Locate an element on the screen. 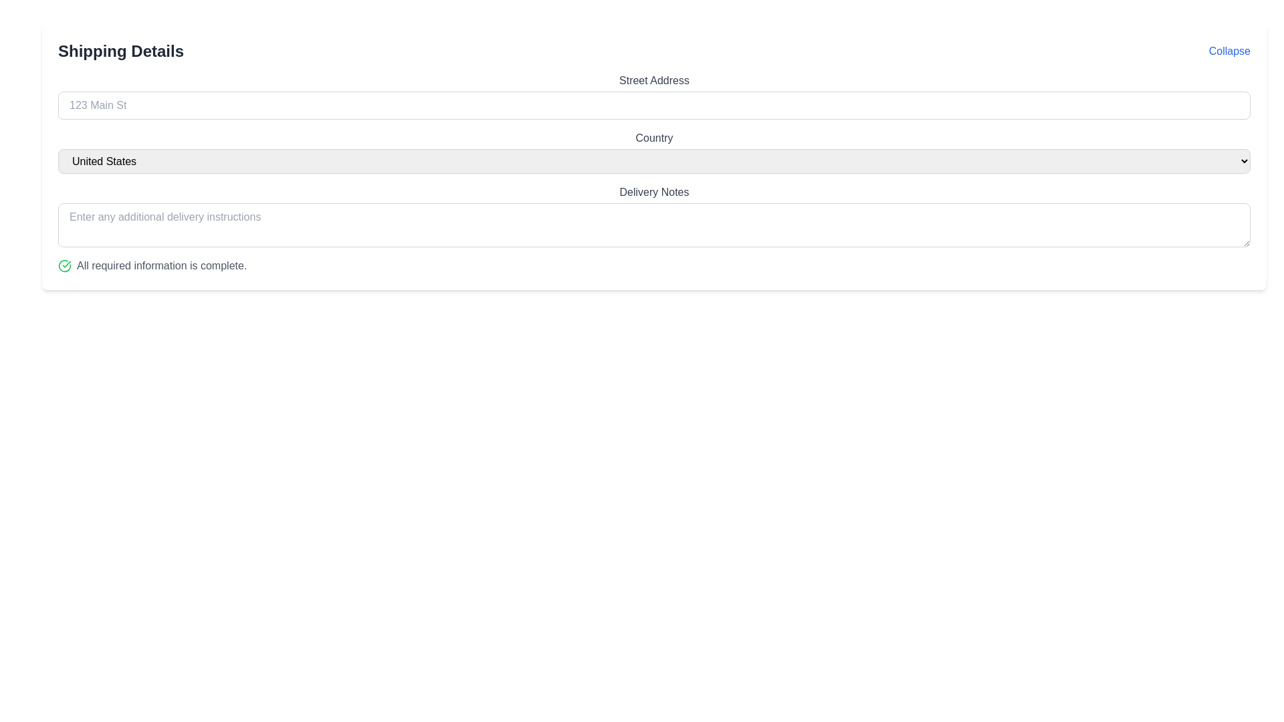  the 'Street Address' text label which is styled in light gray and positioned at the top of the form, above the '123 Main St' input field is located at coordinates (654, 80).